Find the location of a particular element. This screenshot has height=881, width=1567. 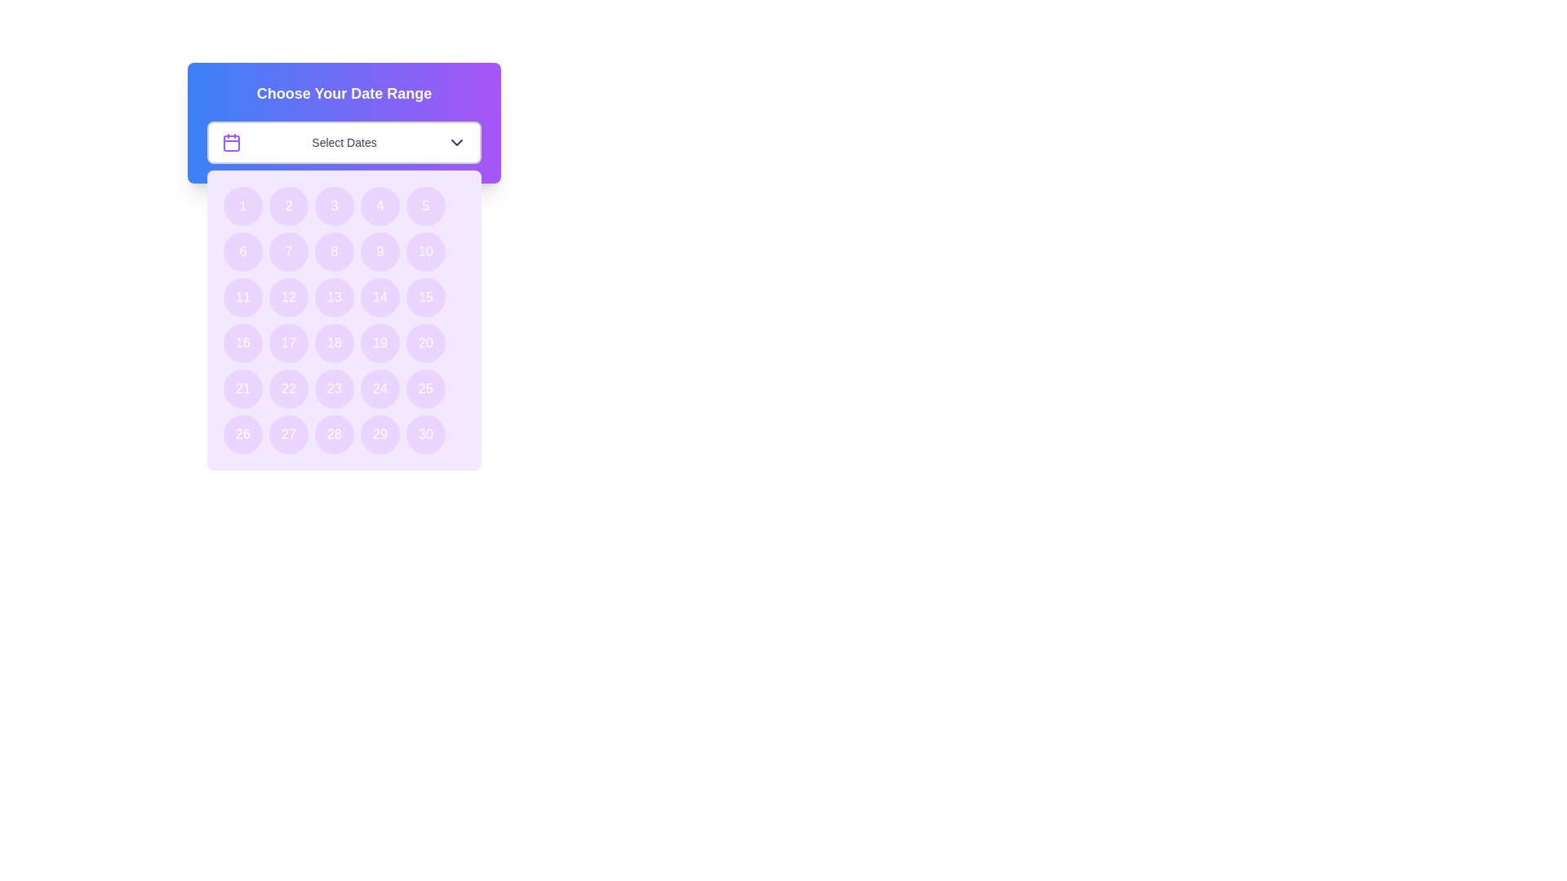

the third button from the left in the last row of a grid representing selectable dates in a calendar interface is located at coordinates (289, 433).